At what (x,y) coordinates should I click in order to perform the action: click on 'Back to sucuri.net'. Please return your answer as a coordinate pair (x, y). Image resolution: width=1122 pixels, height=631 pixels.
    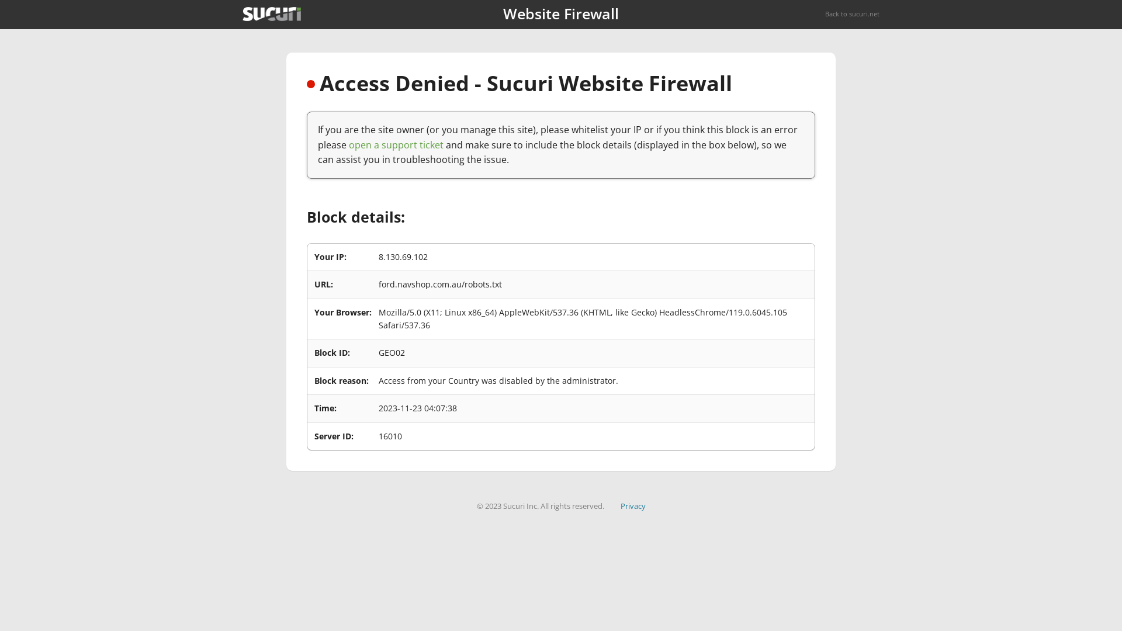
    Looking at the image, I should click on (852, 13).